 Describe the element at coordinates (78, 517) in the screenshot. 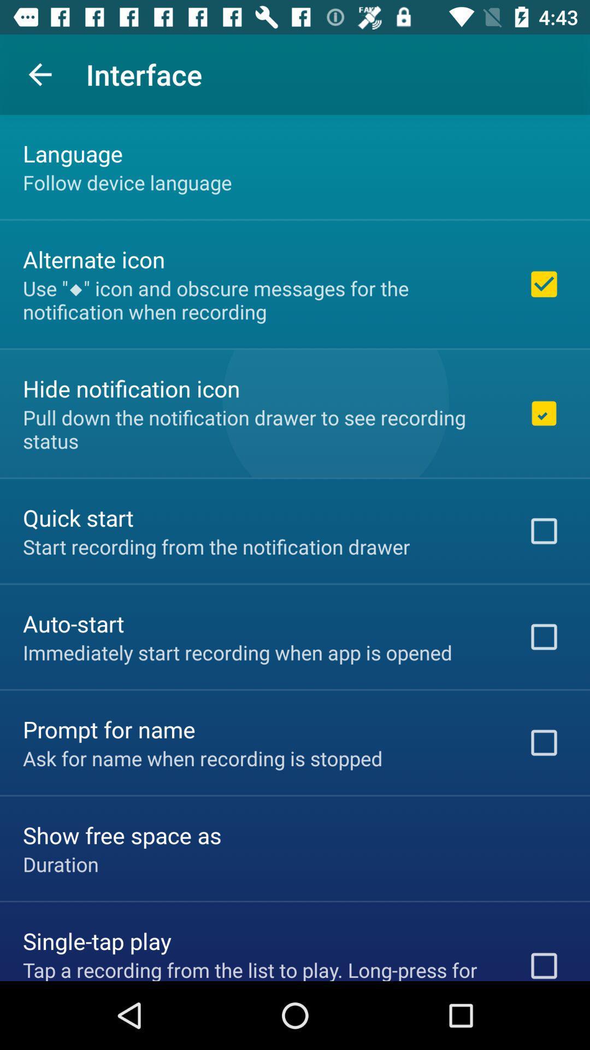

I see `quick start item` at that location.